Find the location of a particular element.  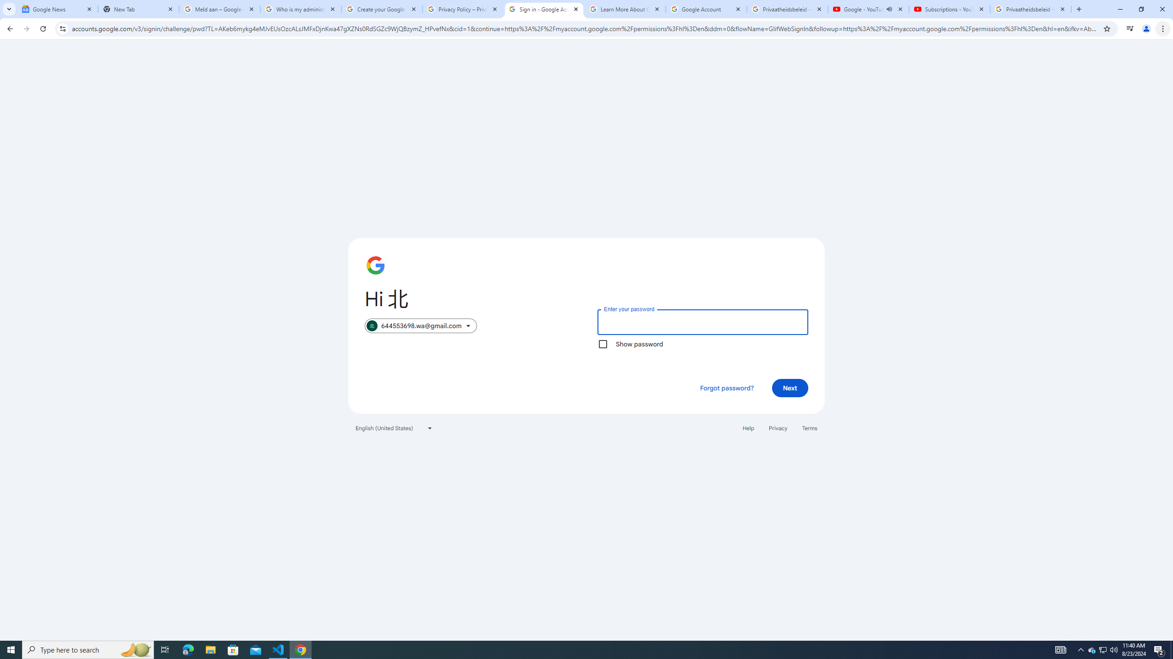

'Who is my administrator? - Google Account Help' is located at coordinates (301, 9).